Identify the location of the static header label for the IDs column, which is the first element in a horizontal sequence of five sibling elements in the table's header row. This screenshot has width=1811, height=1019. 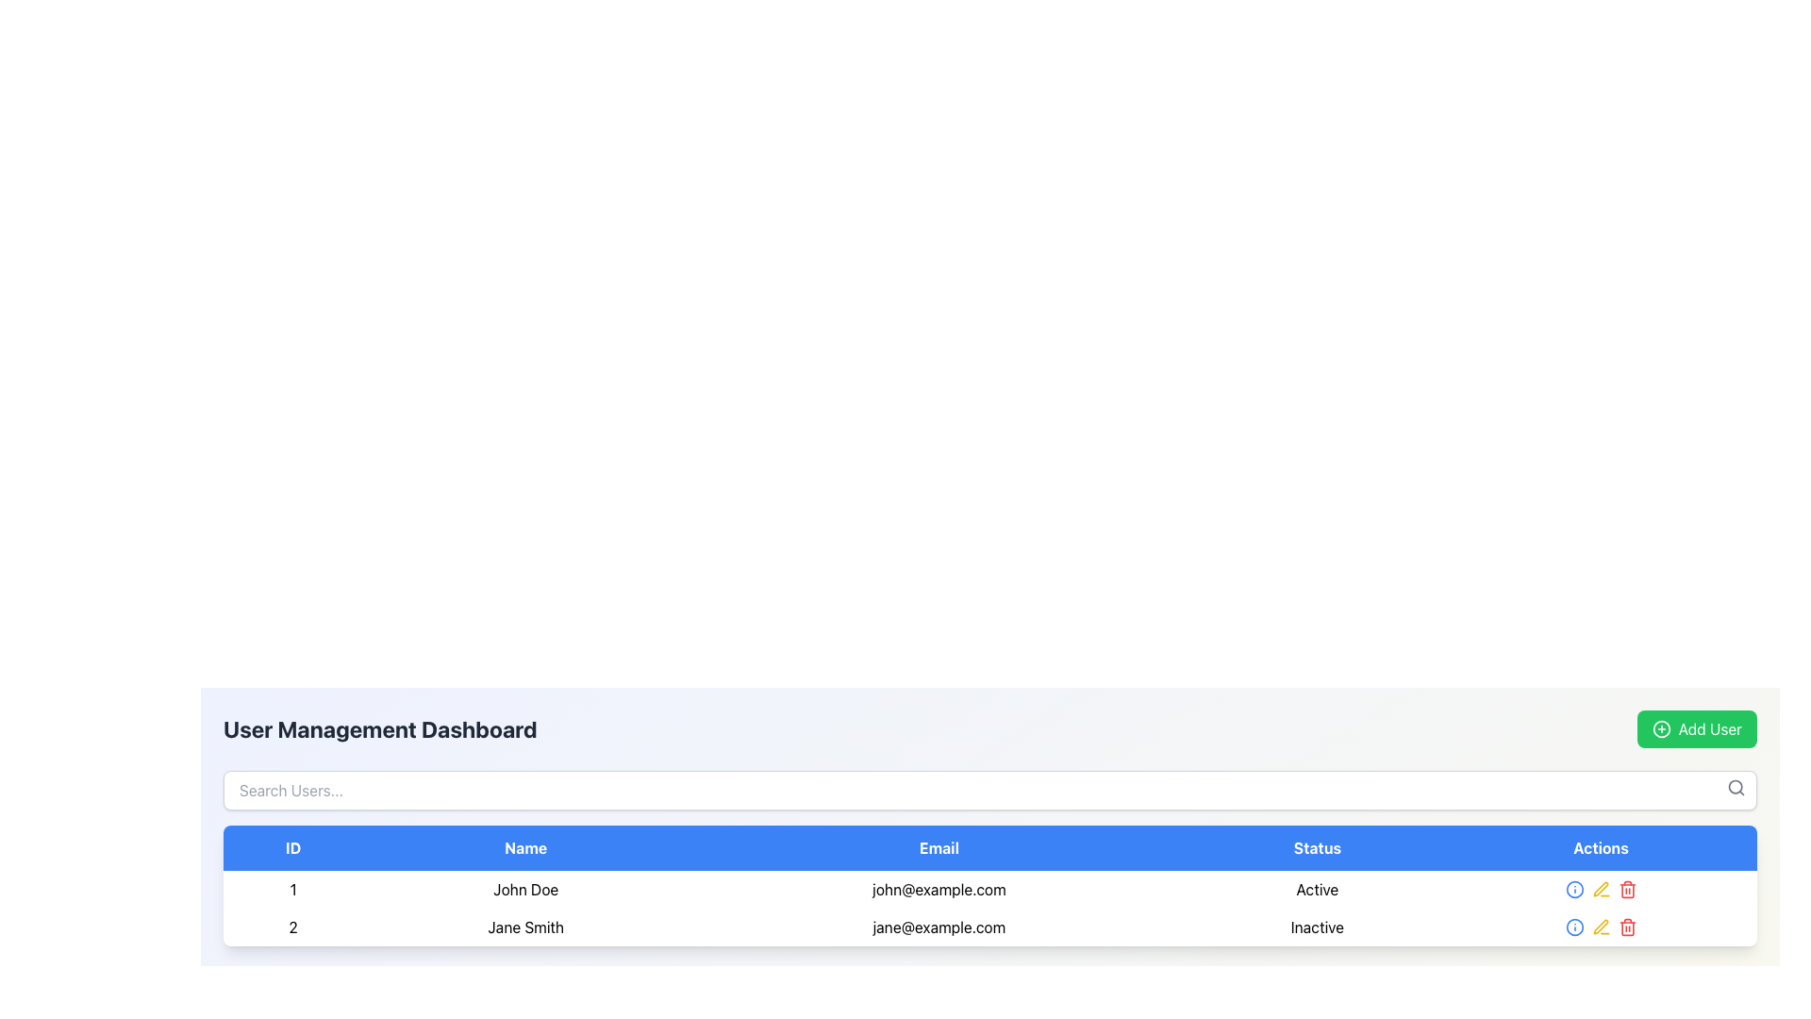
(292, 846).